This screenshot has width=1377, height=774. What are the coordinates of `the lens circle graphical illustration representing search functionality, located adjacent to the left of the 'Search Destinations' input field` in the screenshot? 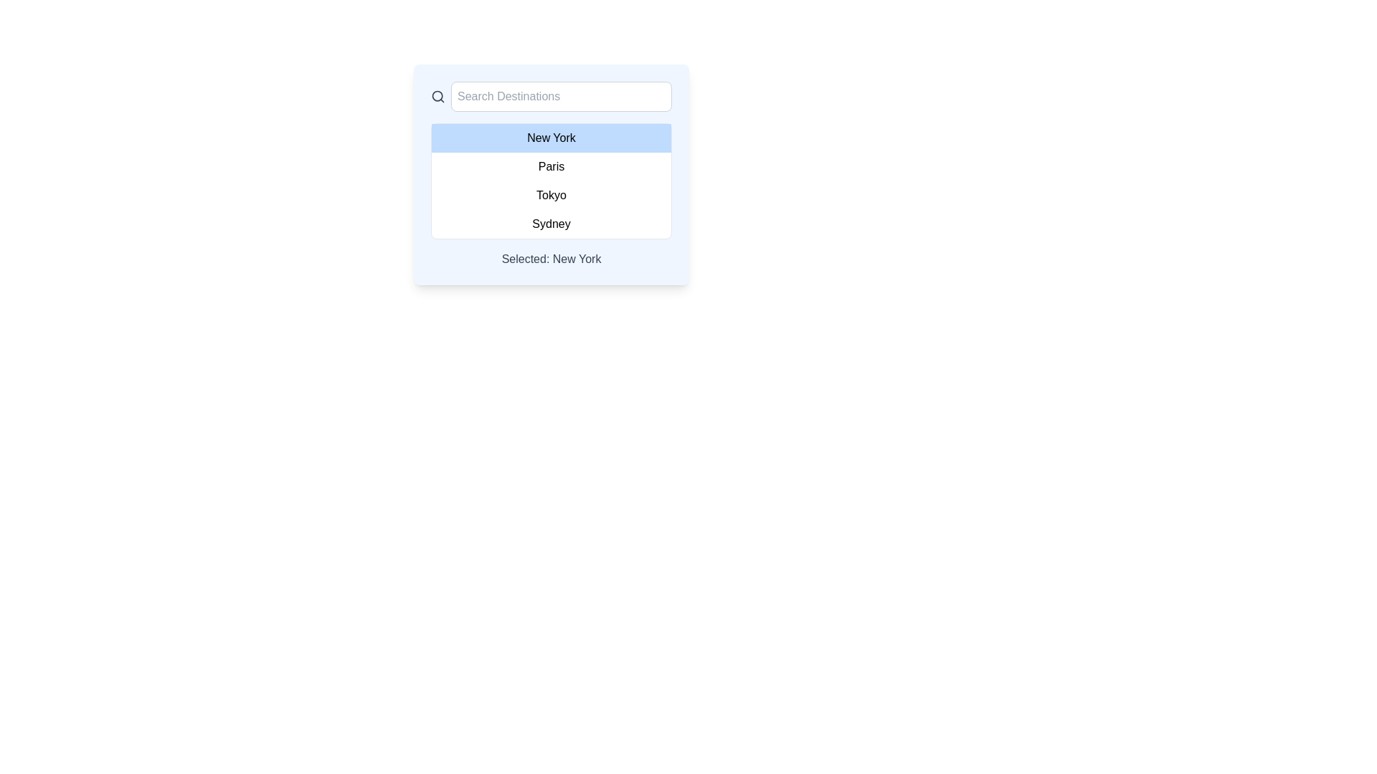 It's located at (437, 96).